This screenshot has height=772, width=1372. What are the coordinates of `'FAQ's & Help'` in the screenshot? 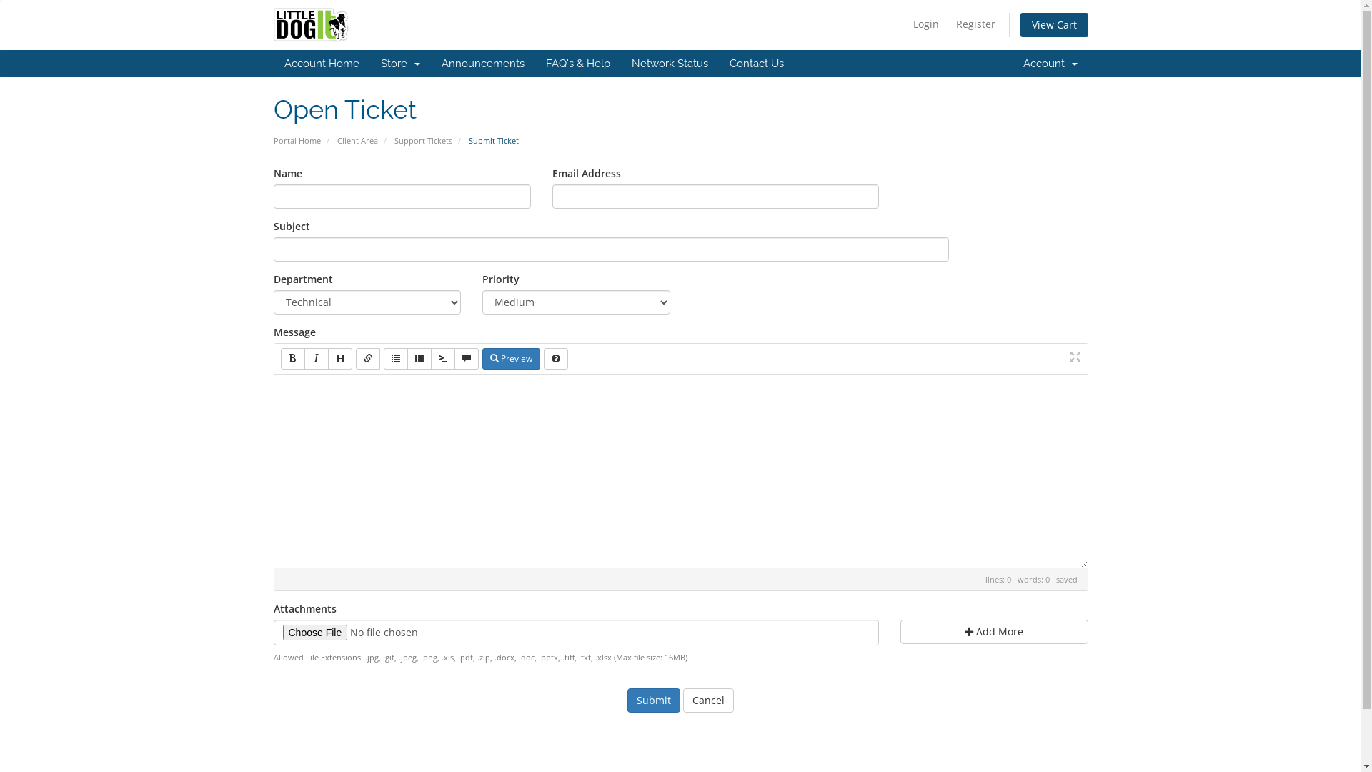 It's located at (534, 62).